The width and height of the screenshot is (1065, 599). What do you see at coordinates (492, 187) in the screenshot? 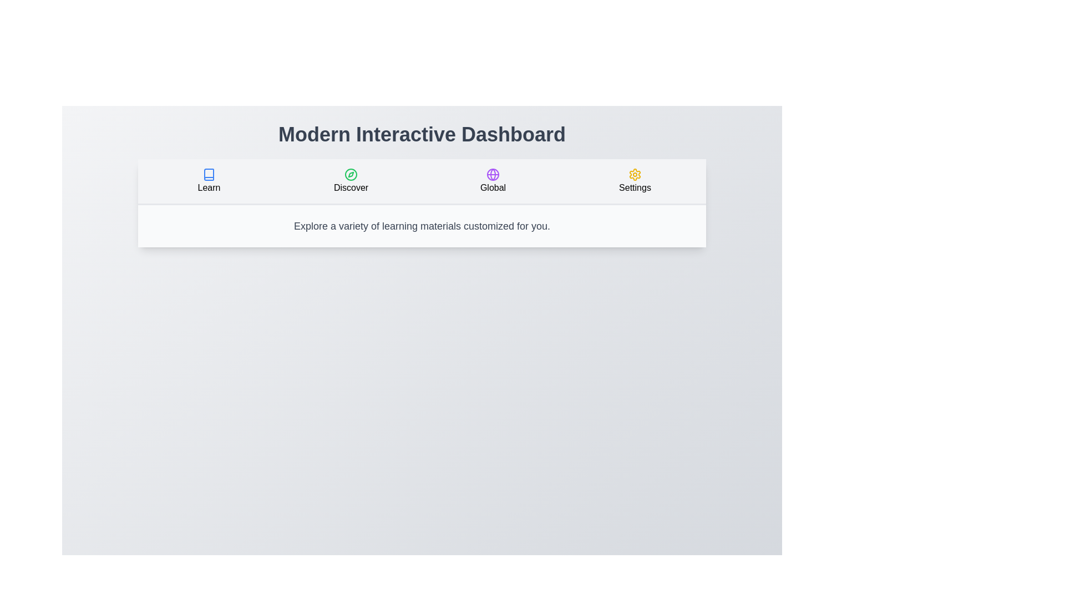
I see `the third text label in the horizontal navigation bar, which is positioned centrally between 'Discover' and 'Settings', for interaction` at bounding box center [492, 187].